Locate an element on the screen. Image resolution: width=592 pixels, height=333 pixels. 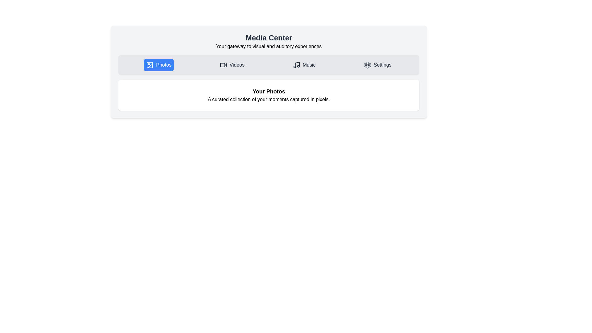
the 'Settings' text label, which is styled with medium font weight and positioned next to the gear icon in the top-right corner of the interface is located at coordinates (382, 65).